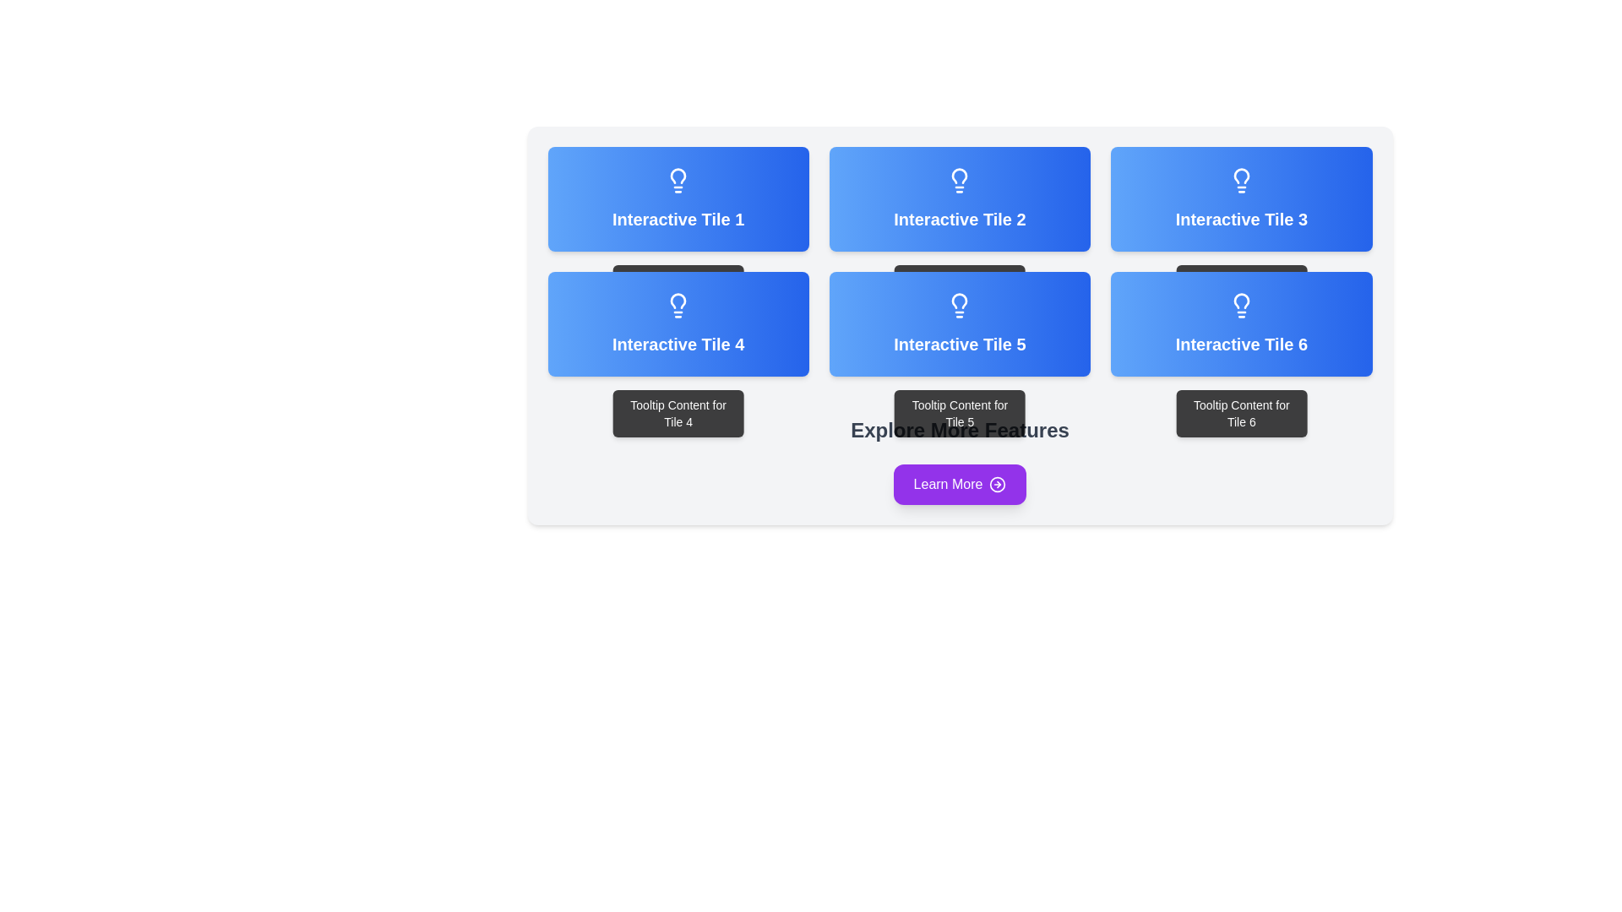 The width and height of the screenshot is (1622, 912). Describe the element at coordinates (678, 324) in the screenshot. I see `the Interactive Tile 4 which is a rectangular tile with a gradient blue background and a white light bulb icon above the text 'Interactive Tile 4' in bold white font` at that location.